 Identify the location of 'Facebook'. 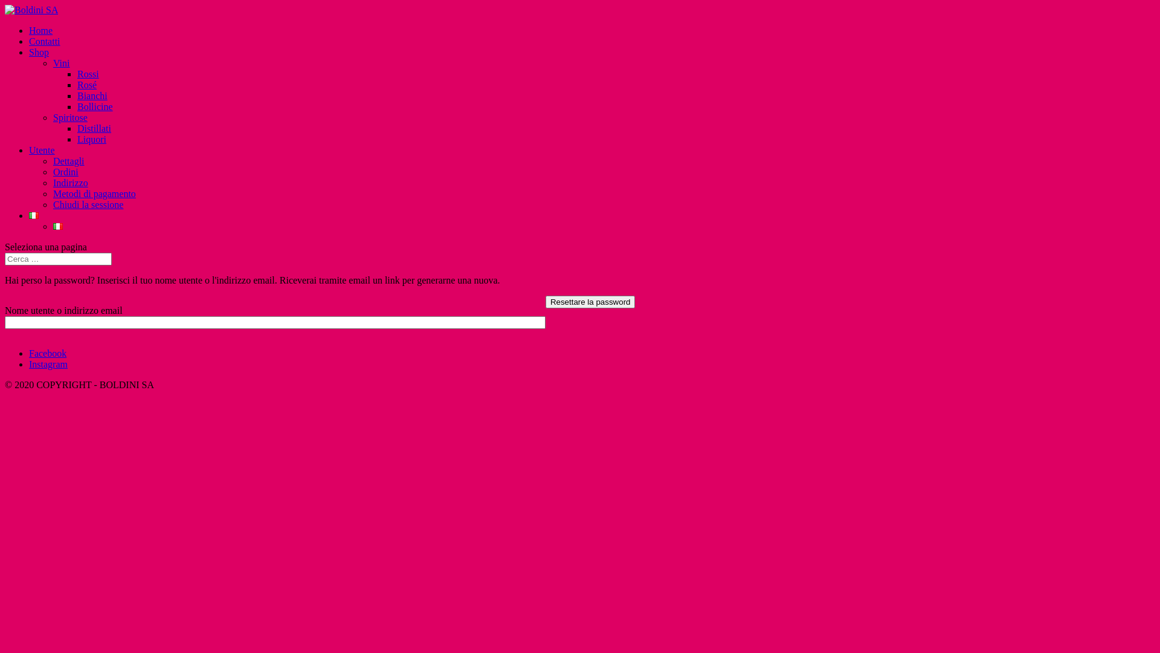
(47, 353).